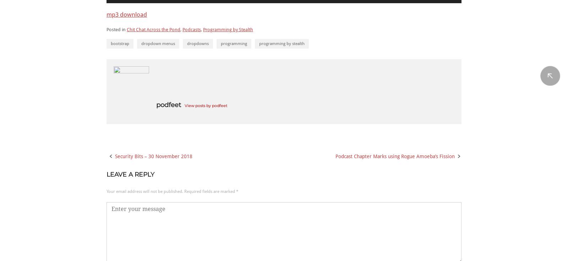 This screenshot has height=261, width=568. I want to click on 'Chit Chat Across the Pond', so click(153, 29).